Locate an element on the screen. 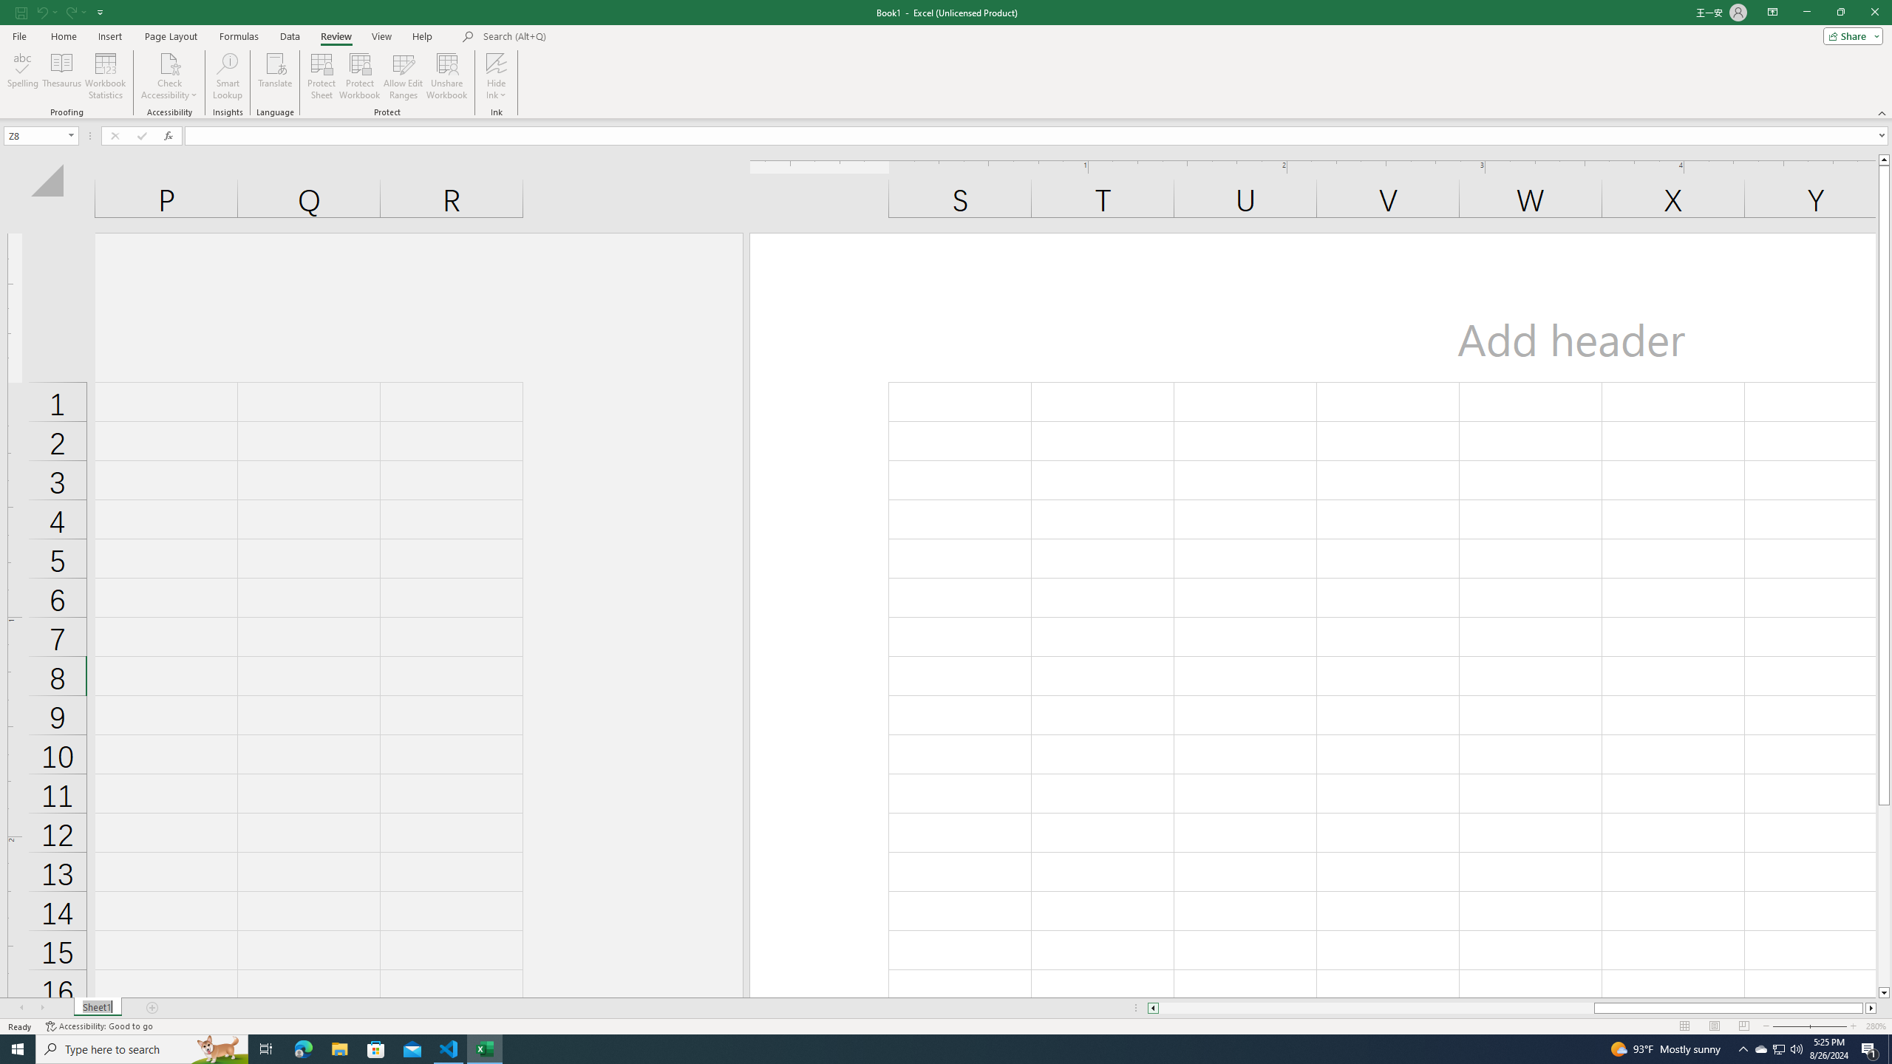 The width and height of the screenshot is (1892, 1064). 'Translate' is located at coordinates (274, 76).